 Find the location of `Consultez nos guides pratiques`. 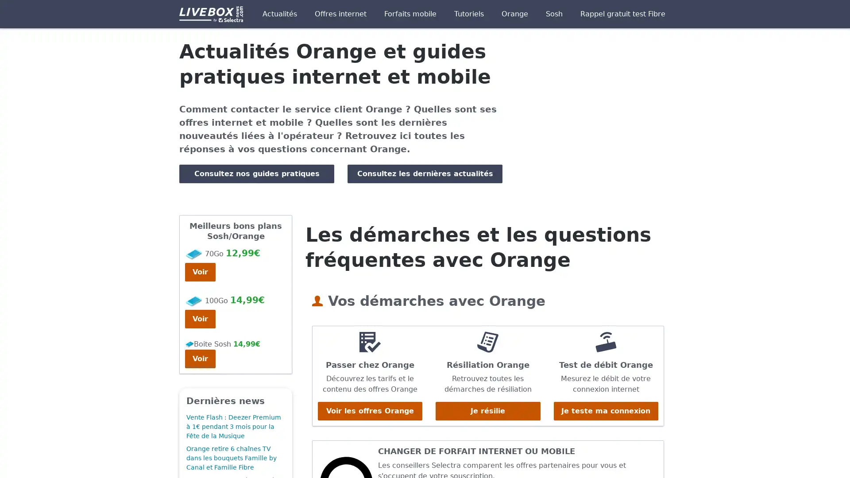

Consultez nos guides pratiques is located at coordinates (256, 173).